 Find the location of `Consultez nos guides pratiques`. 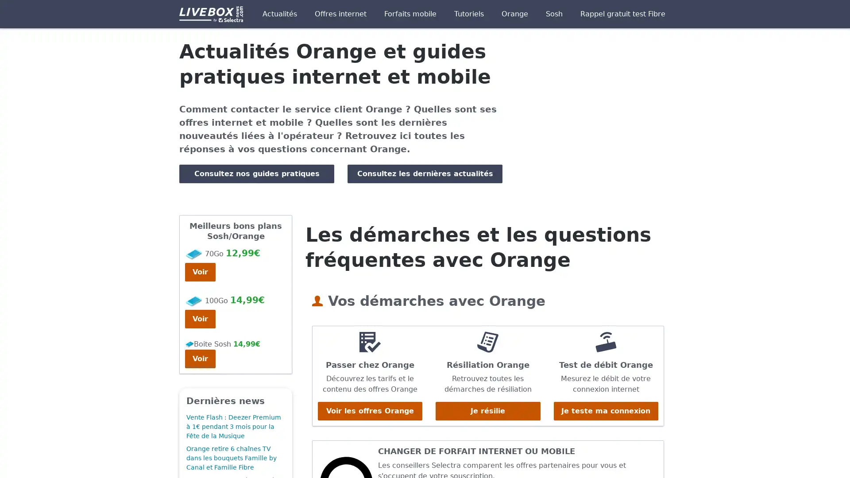

Consultez nos guides pratiques is located at coordinates (256, 173).